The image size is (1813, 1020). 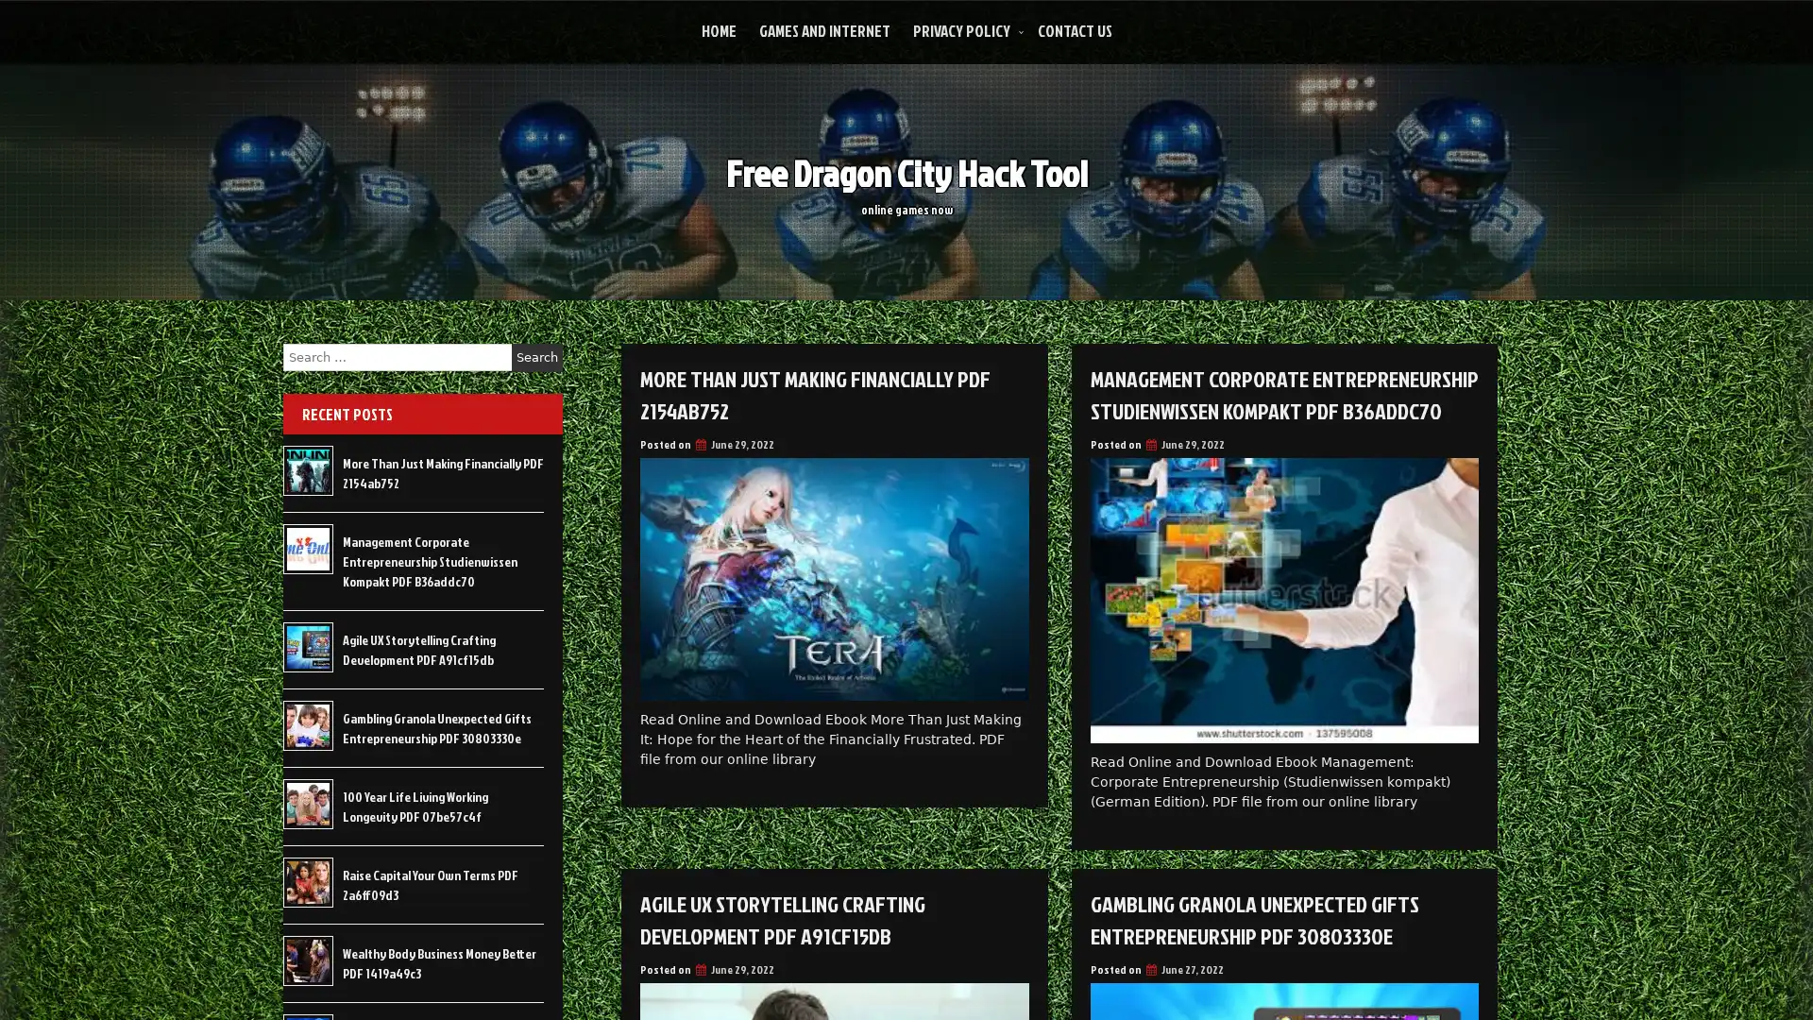 I want to click on Search, so click(x=536, y=357).